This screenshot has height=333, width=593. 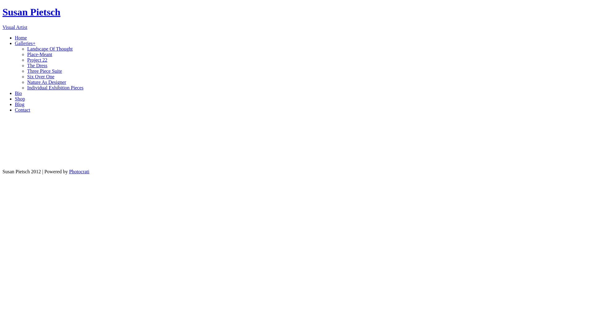 What do you see at coordinates (50, 48) in the screenshot?
I see `'Landscape Of Thought'` at bounding box center [50, 48].